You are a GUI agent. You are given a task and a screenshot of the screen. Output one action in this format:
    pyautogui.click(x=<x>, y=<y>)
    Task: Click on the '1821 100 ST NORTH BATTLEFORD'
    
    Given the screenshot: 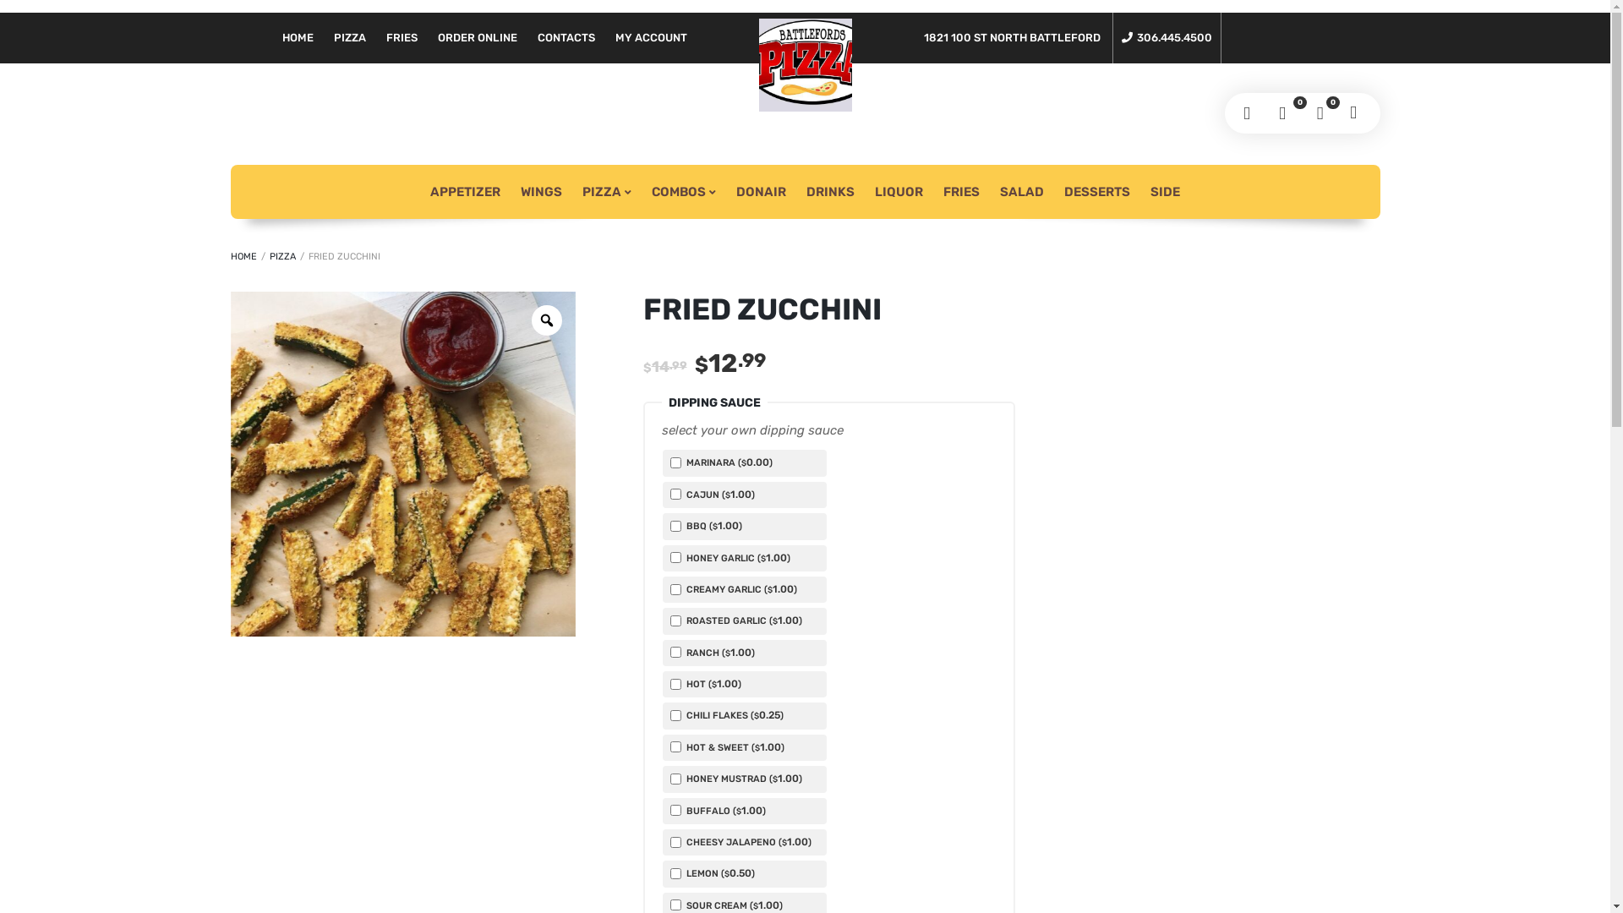 What is the action you would take?
    pyautogui.click(x=1011, y=38)
    